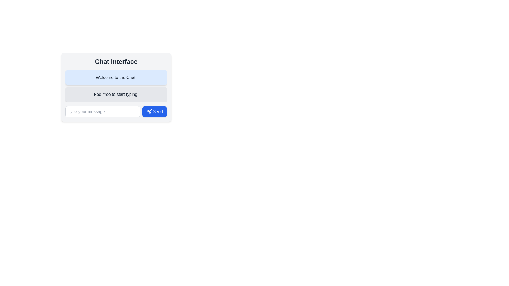 The image size is (509, 286). I want to click on the blue 'Send' button with rounded corners to observe the hover effect that lightens its background color, so click(154, 111).